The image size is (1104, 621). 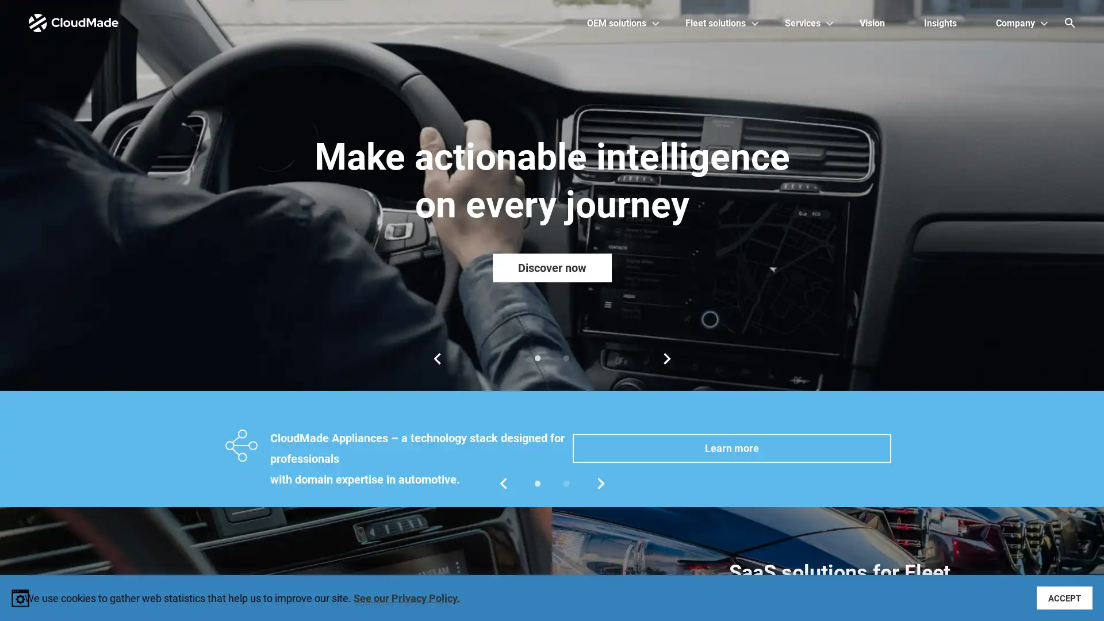 What do you see at coordinates (436, 358) in the screenshot?
I see `Previous` at bounding box center [436, 358].